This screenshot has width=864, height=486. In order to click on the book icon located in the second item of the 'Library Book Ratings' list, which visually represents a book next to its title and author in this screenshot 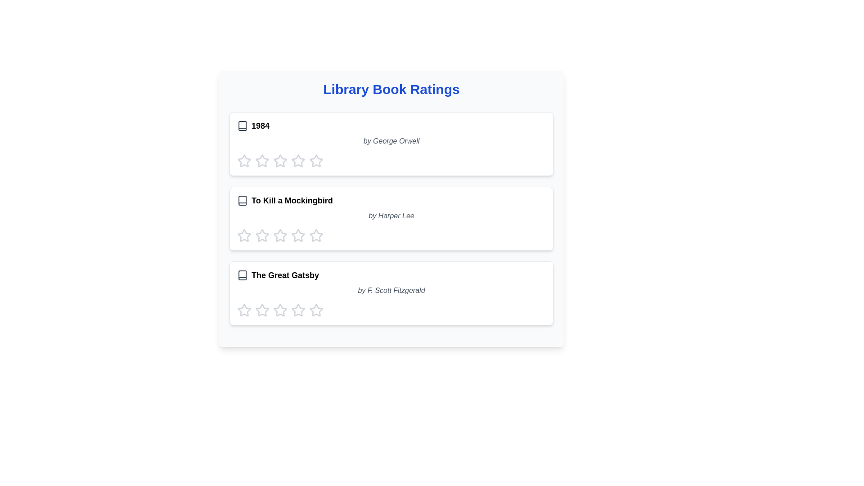, I will do `click(242, 200)`.